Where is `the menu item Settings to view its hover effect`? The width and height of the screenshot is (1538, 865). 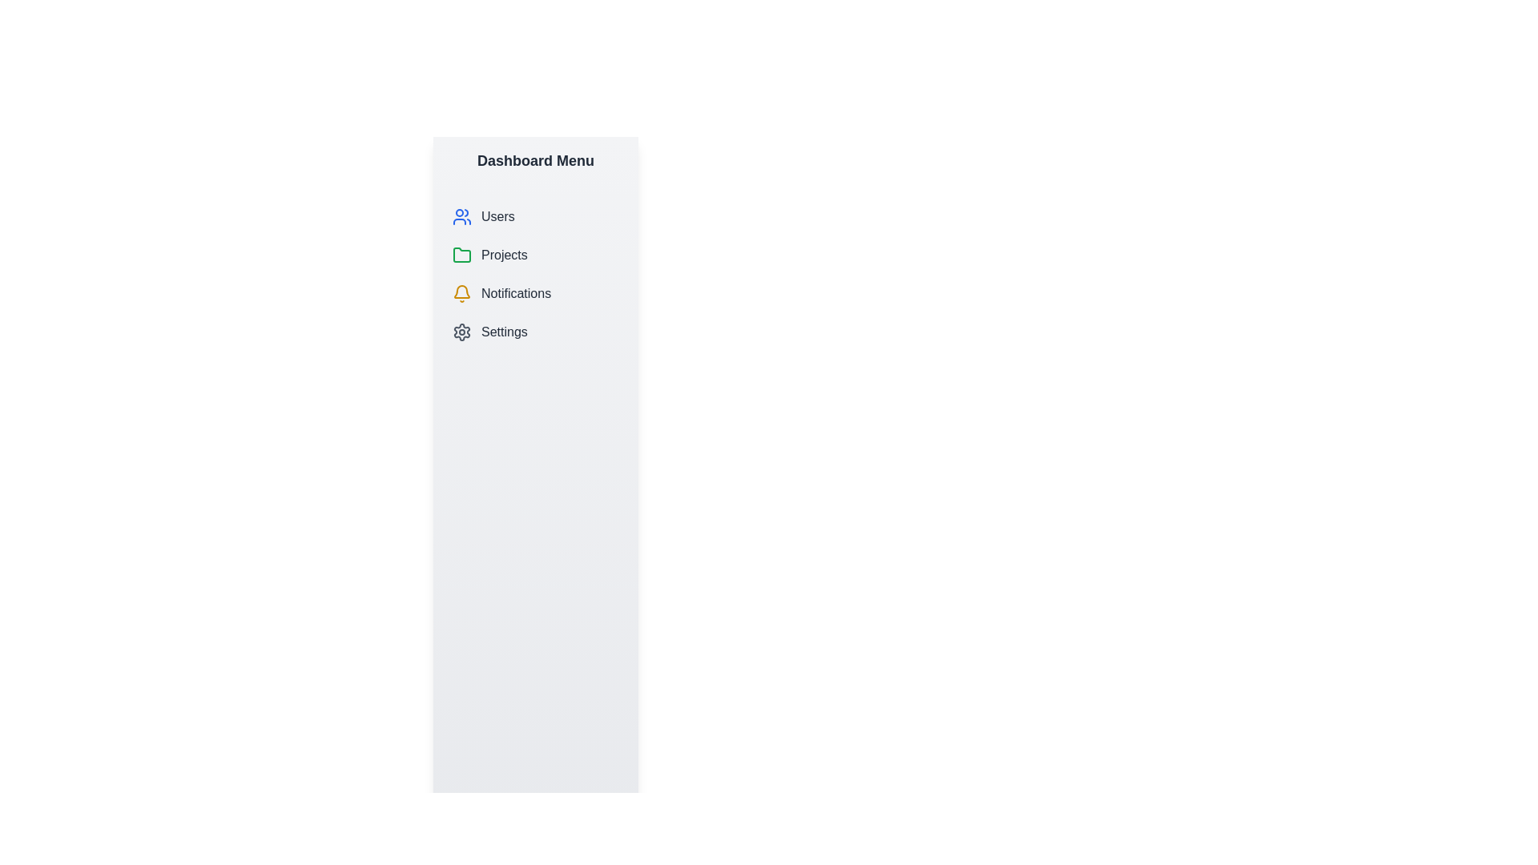
the menu item Settings to view its hover effect is located at coordinates (535, 332).